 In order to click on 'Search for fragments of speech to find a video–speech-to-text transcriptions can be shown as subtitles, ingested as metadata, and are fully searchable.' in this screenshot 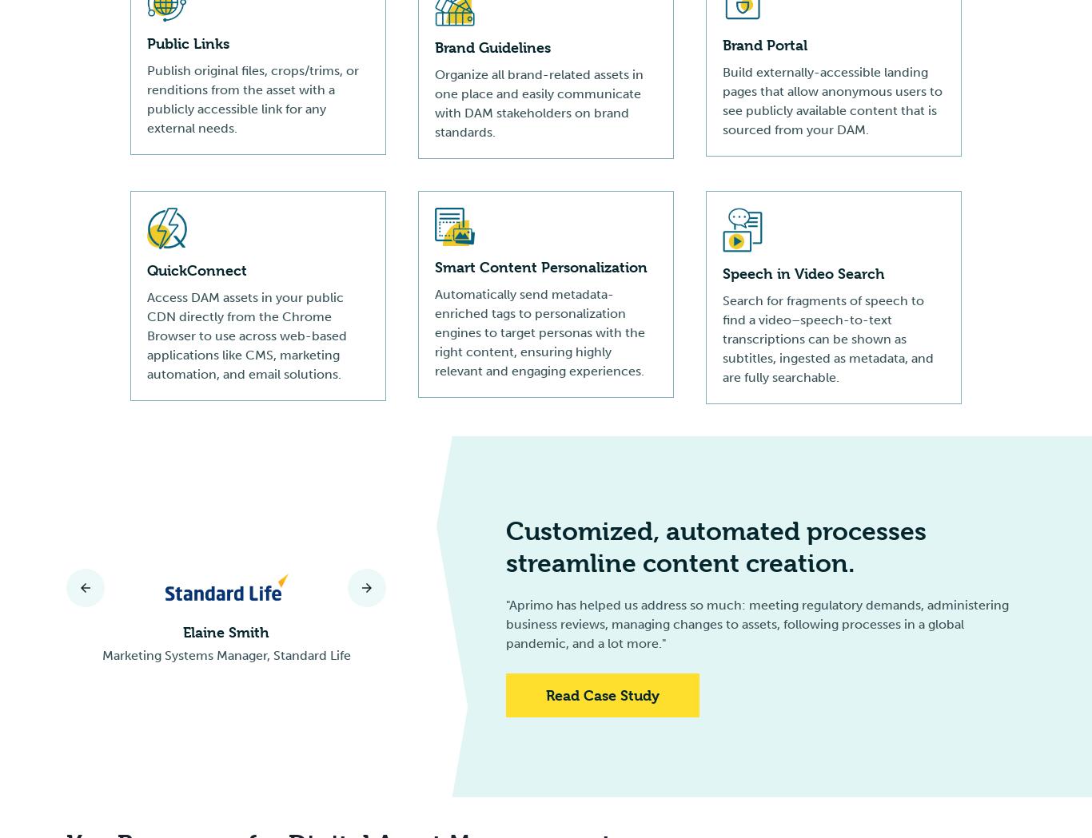, I will do `click(827, 338)`.